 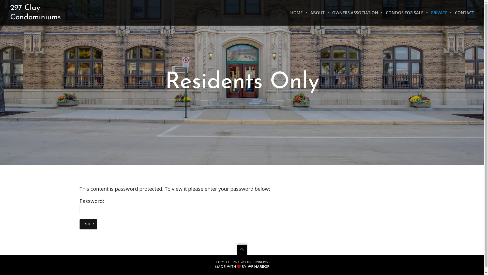 What do you see at coordinates (248, 266) in the screenshot?
I see `'WP HARBOR'` at bounding box center [248, 266].